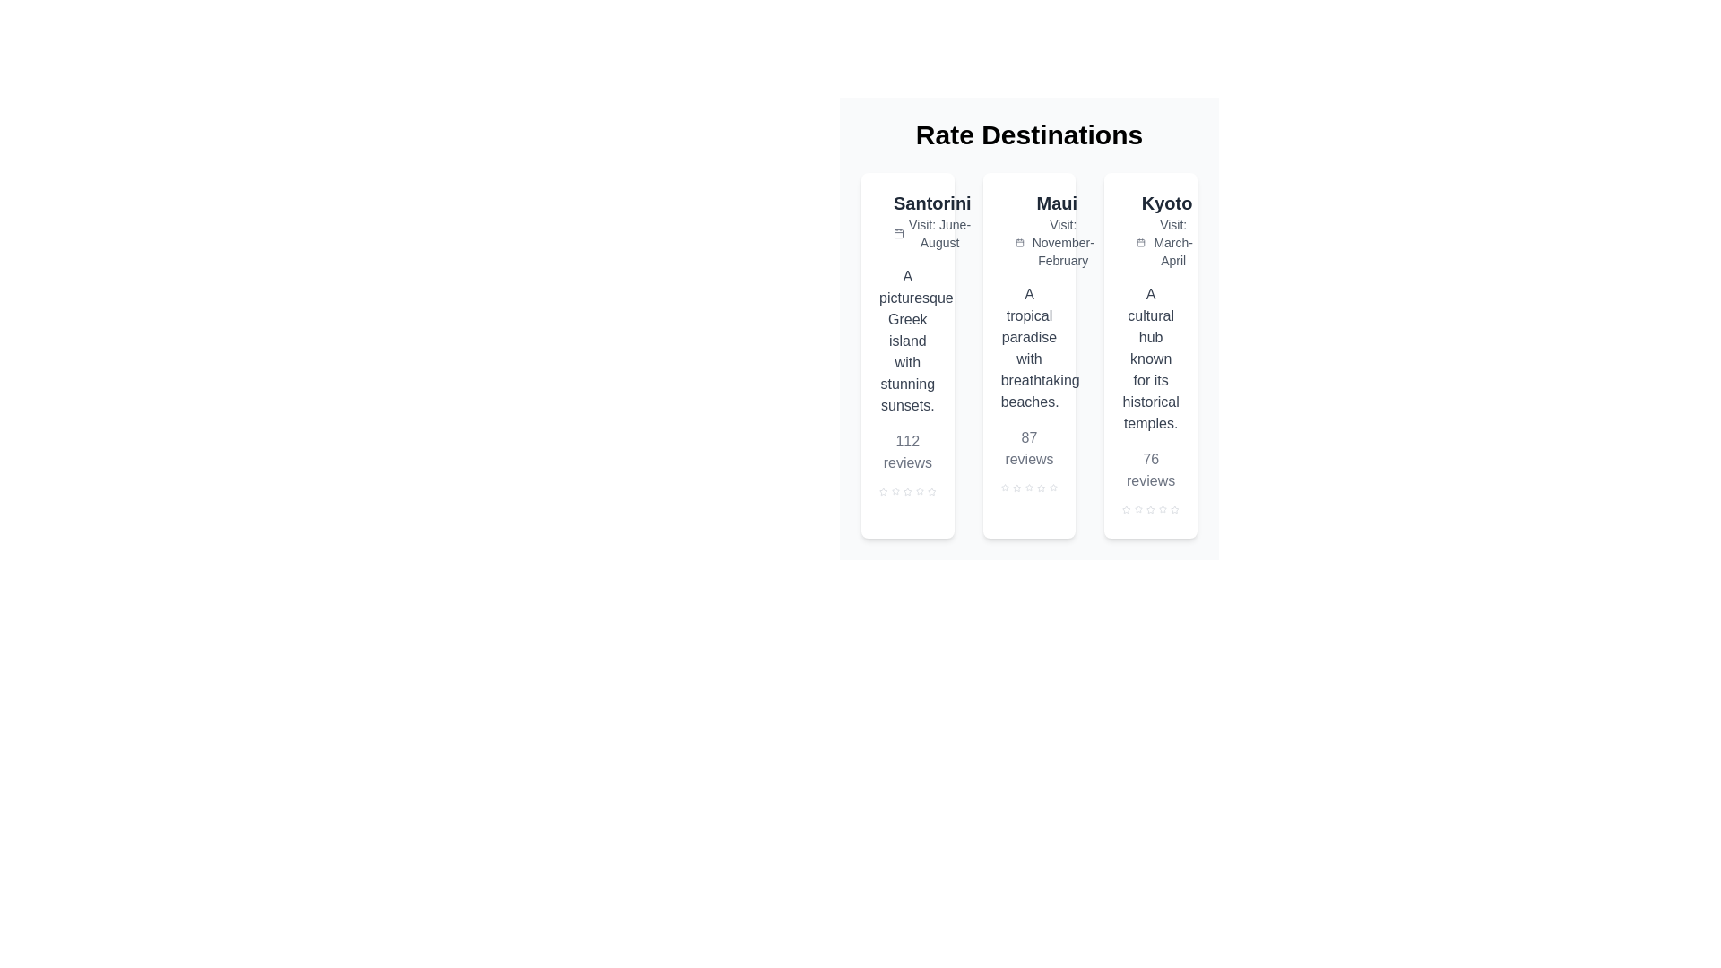 Image resolution: width=1721 pixels, height=968 pixels. What do you see at coordinates (1167, 242) in the screenshot?
I see `the text label under the 'Kyoto' heading that says 'Visit:' on the first line and 'March-April' on the second line, which is accompanied by a small calendar icon to its left` at bounding box center [1167, 242].